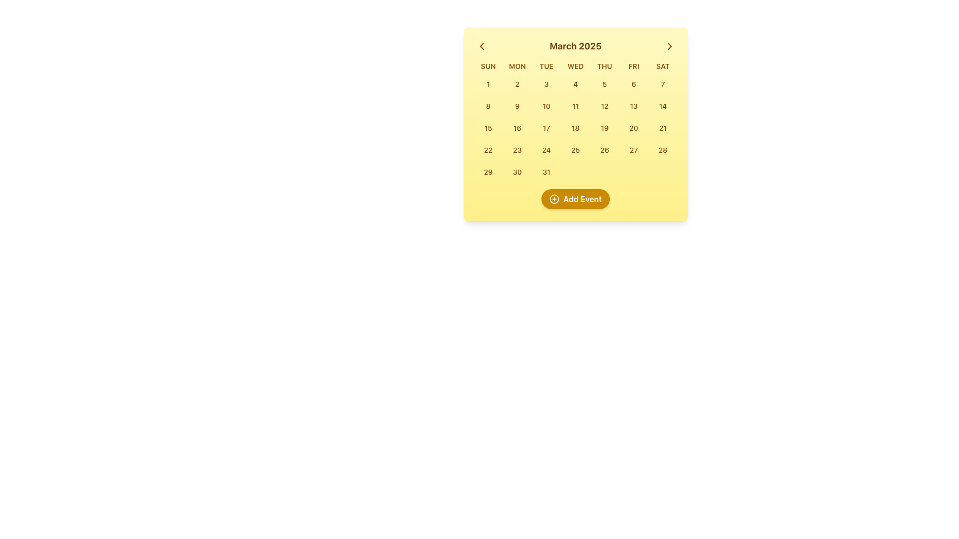  Describe the element at coordinates (604, 84) in the screenshot. I see `the yellow-background calendar day button displaying the number '5'` at that location.